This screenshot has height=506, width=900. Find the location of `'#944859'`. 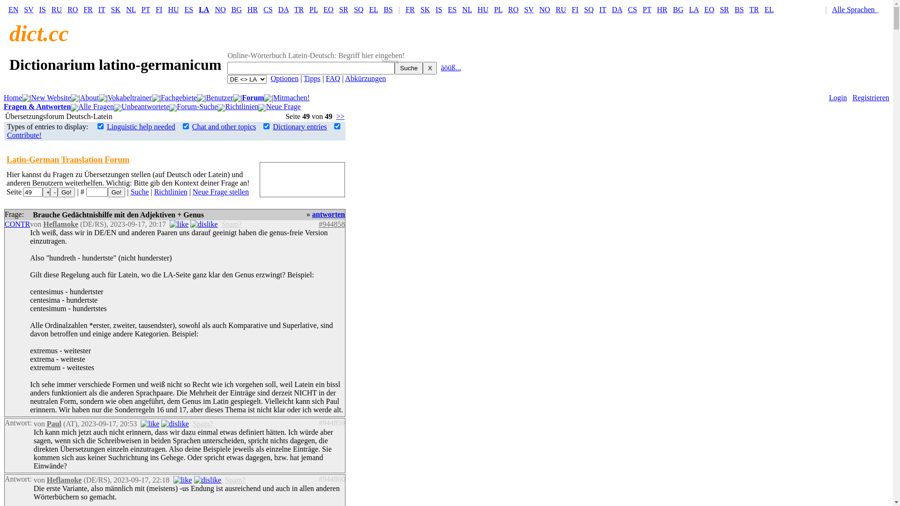

'#944859' is located at coordinates (332, 423).